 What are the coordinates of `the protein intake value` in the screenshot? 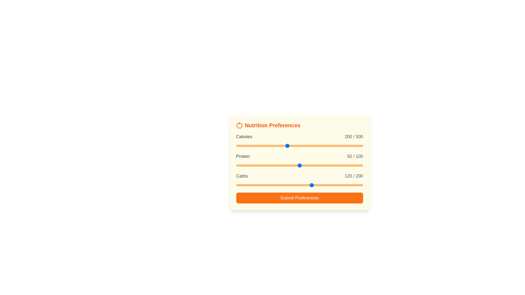 It's located at (358, 165).